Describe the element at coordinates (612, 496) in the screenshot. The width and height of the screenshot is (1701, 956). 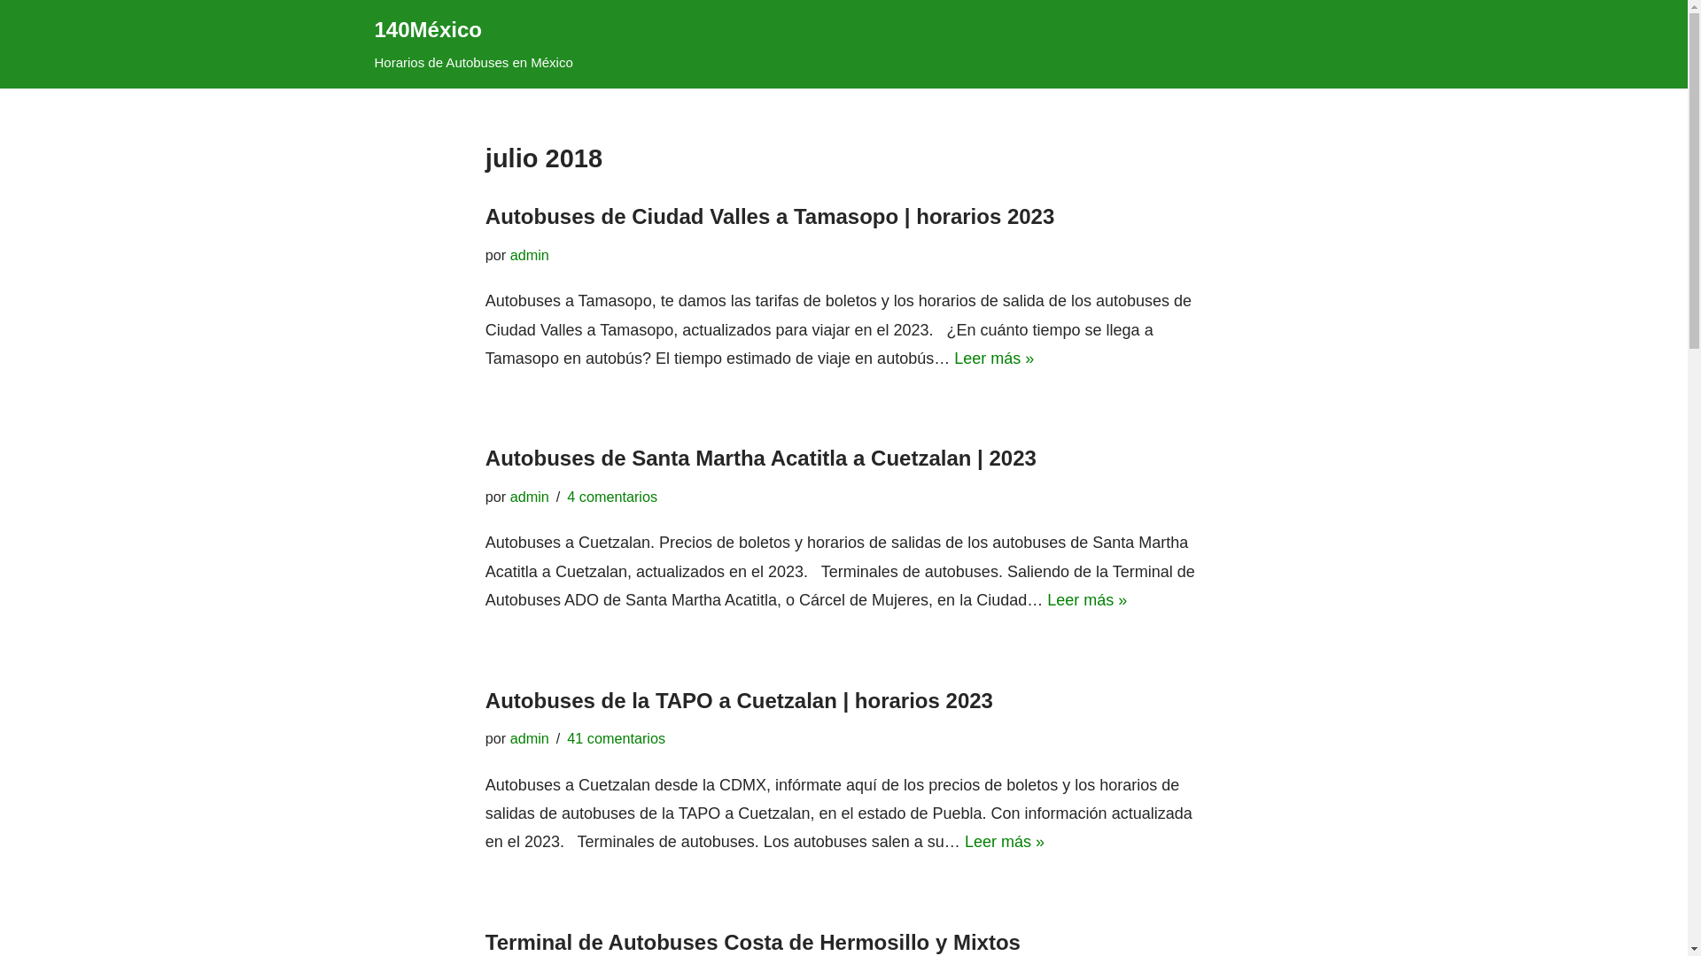
I see `'4 comentarios'` at that location.